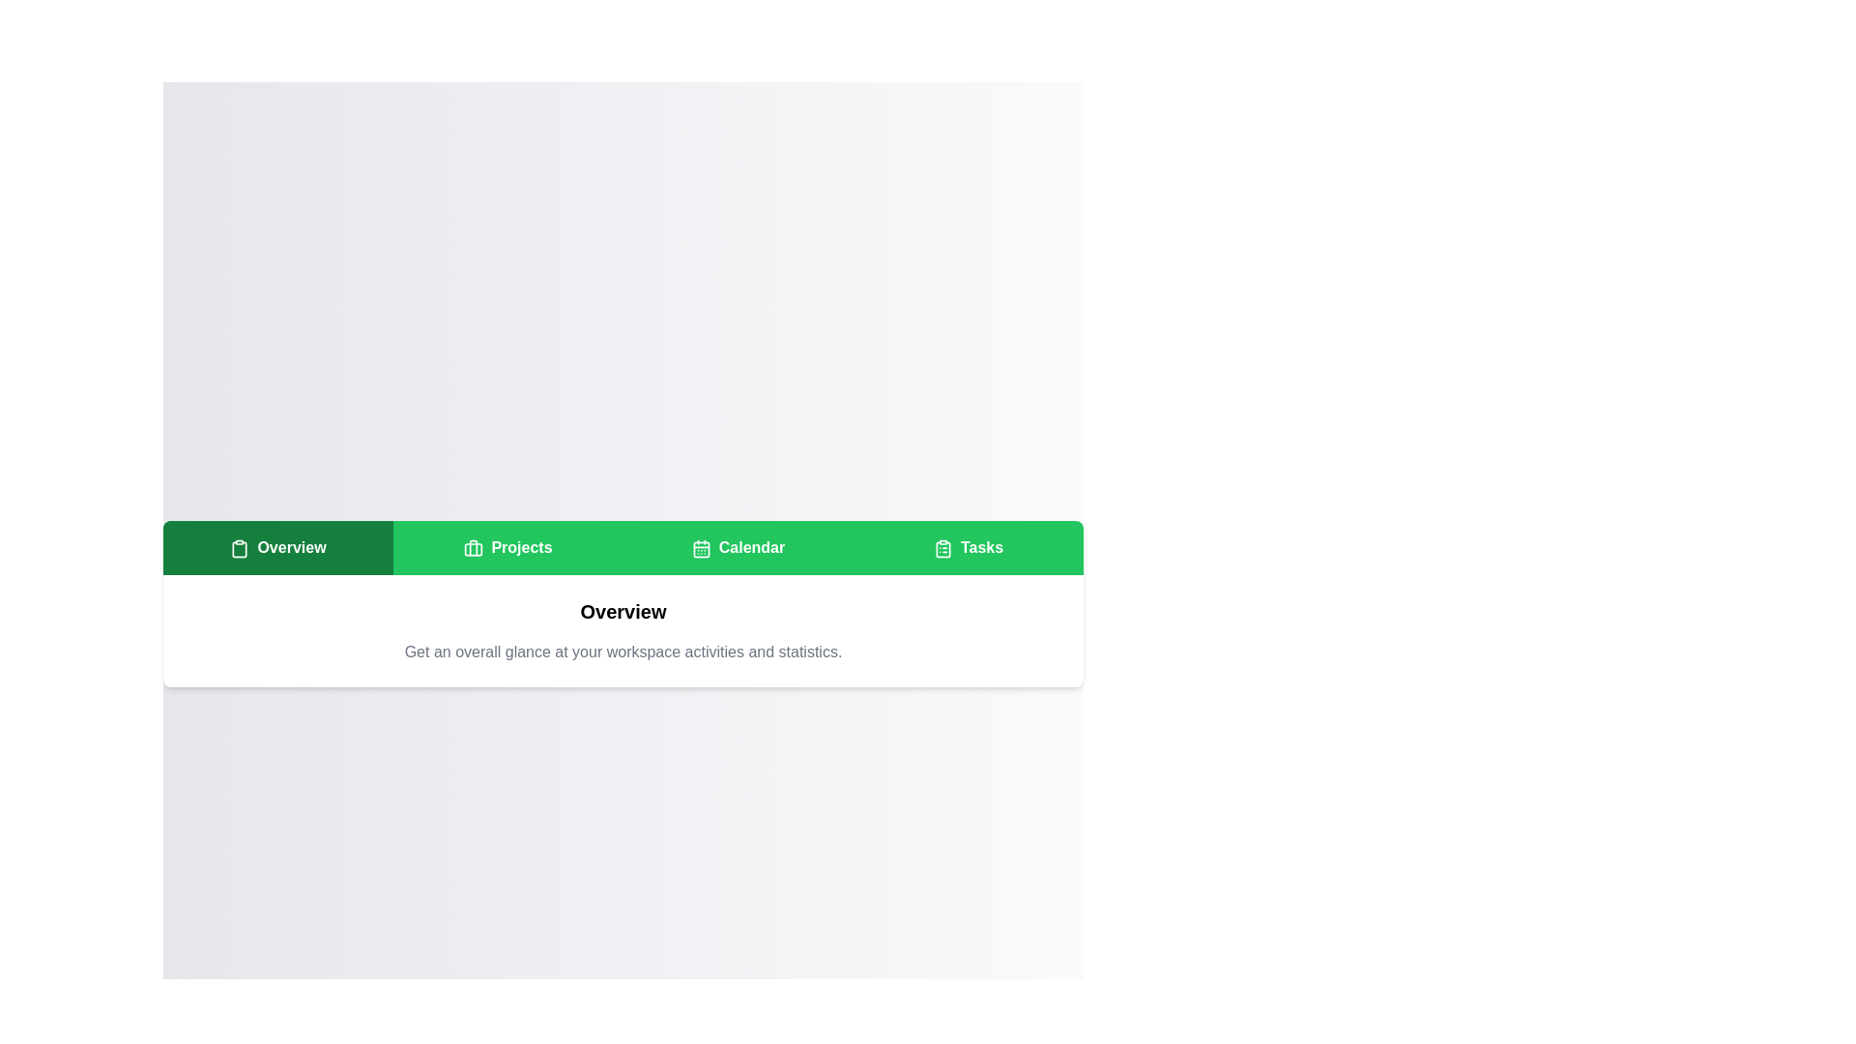  I want to click on the Projects tab, so click(508, 548).